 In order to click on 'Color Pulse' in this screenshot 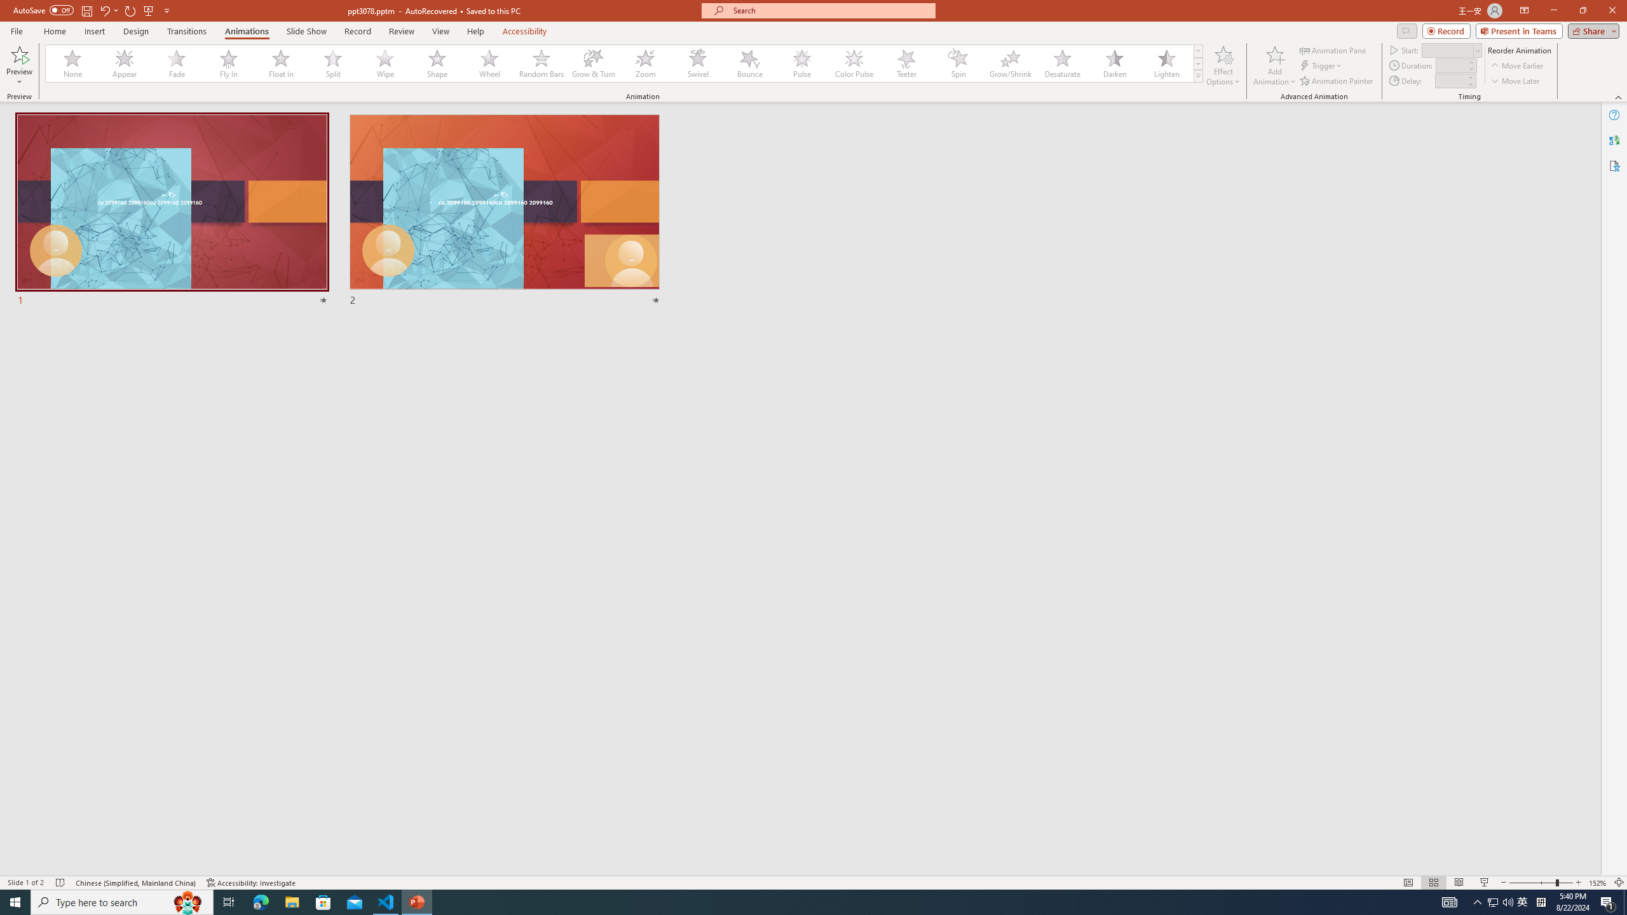, I will do `click(854, 63)`.